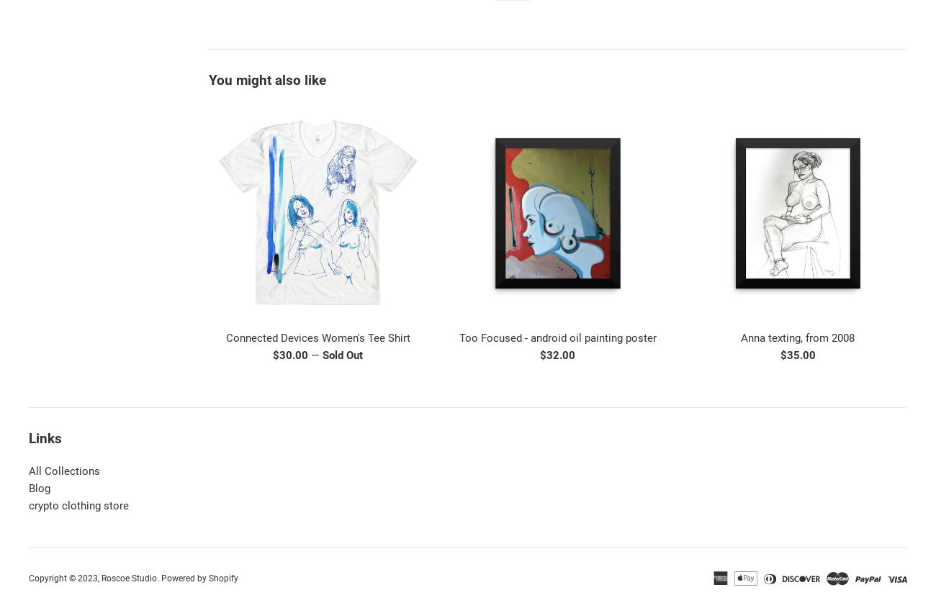 The width and height of the screenshot is (936, 608). Describe the element at coordinates (38, 487) in the screenshot. I see `'Blog'` at that location.